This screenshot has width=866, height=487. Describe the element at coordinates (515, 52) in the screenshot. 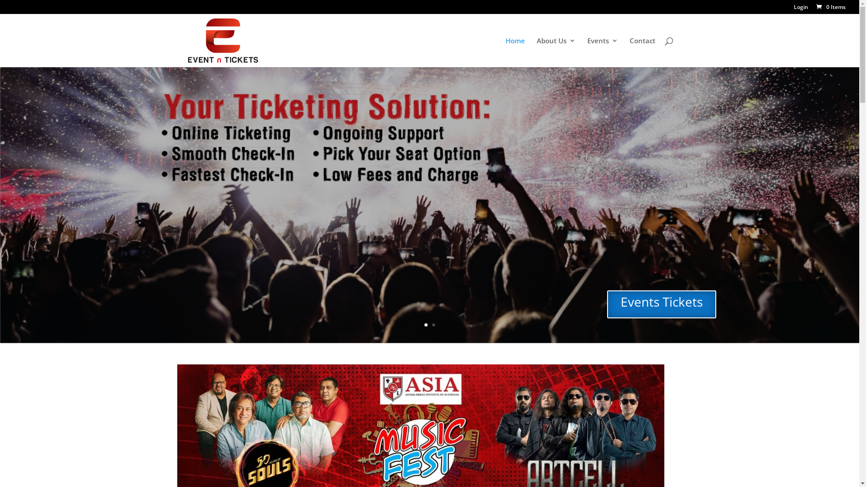

I see `'Home'` at that location.